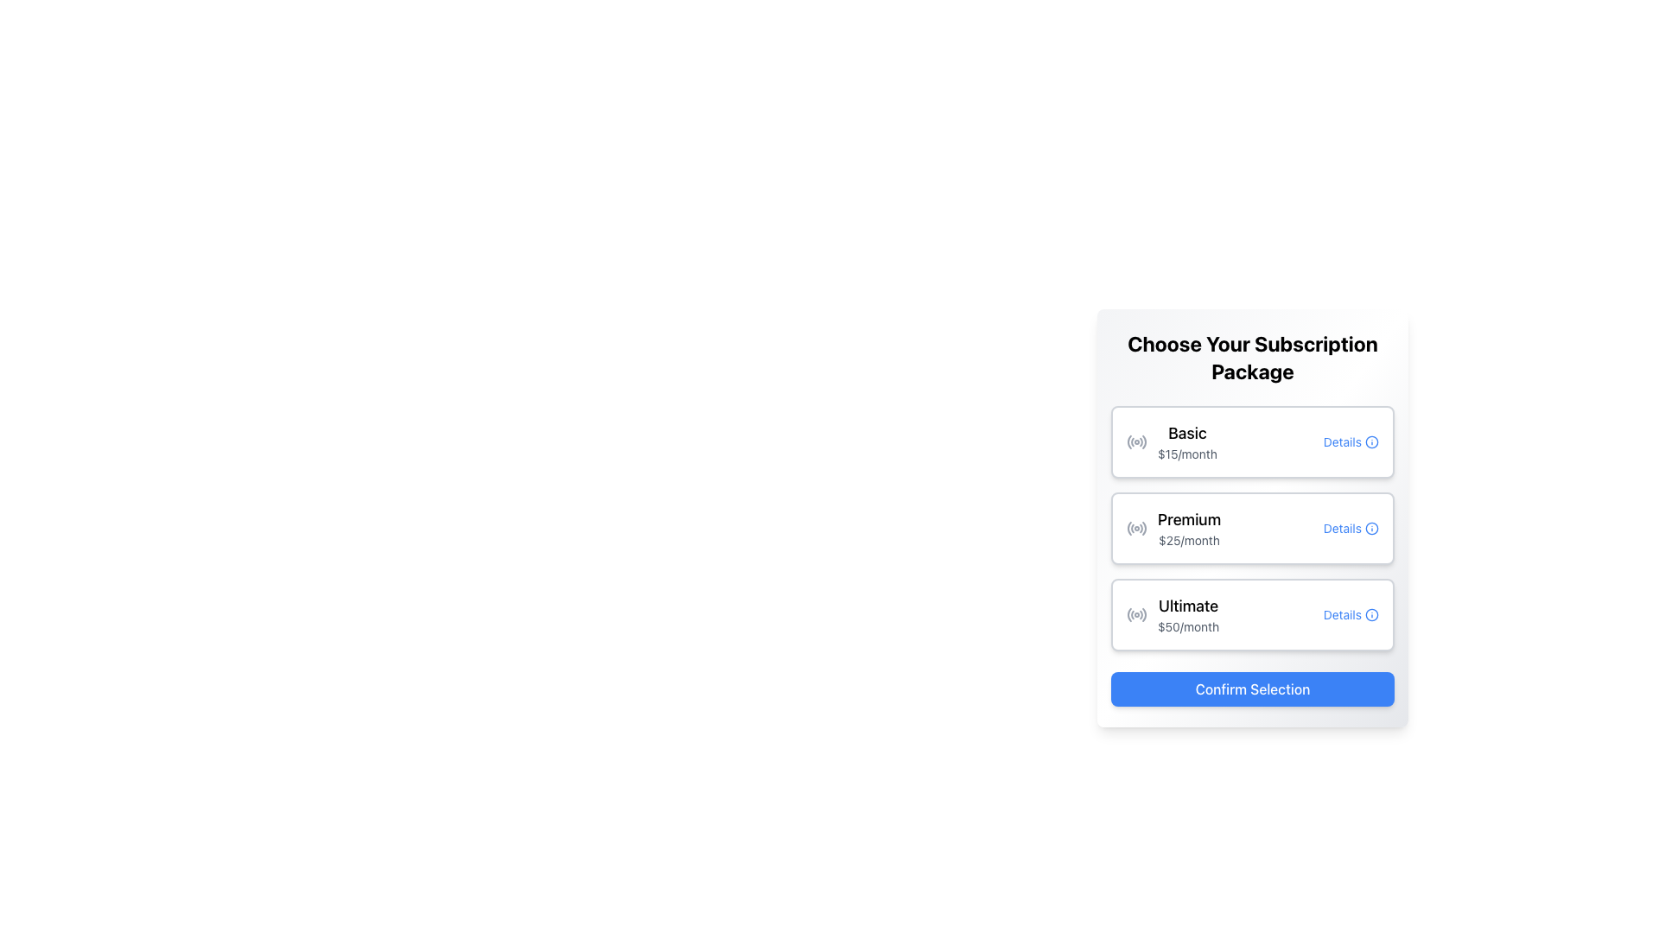 The height and width of the screenshot is (933, 1659). Describe the element at coordinates (1172, 441) in the screenshot. I see `displayed text of the 'Basic' subscription package in the Text Display with Icon located at the top of the list of subscription packages` at that location.